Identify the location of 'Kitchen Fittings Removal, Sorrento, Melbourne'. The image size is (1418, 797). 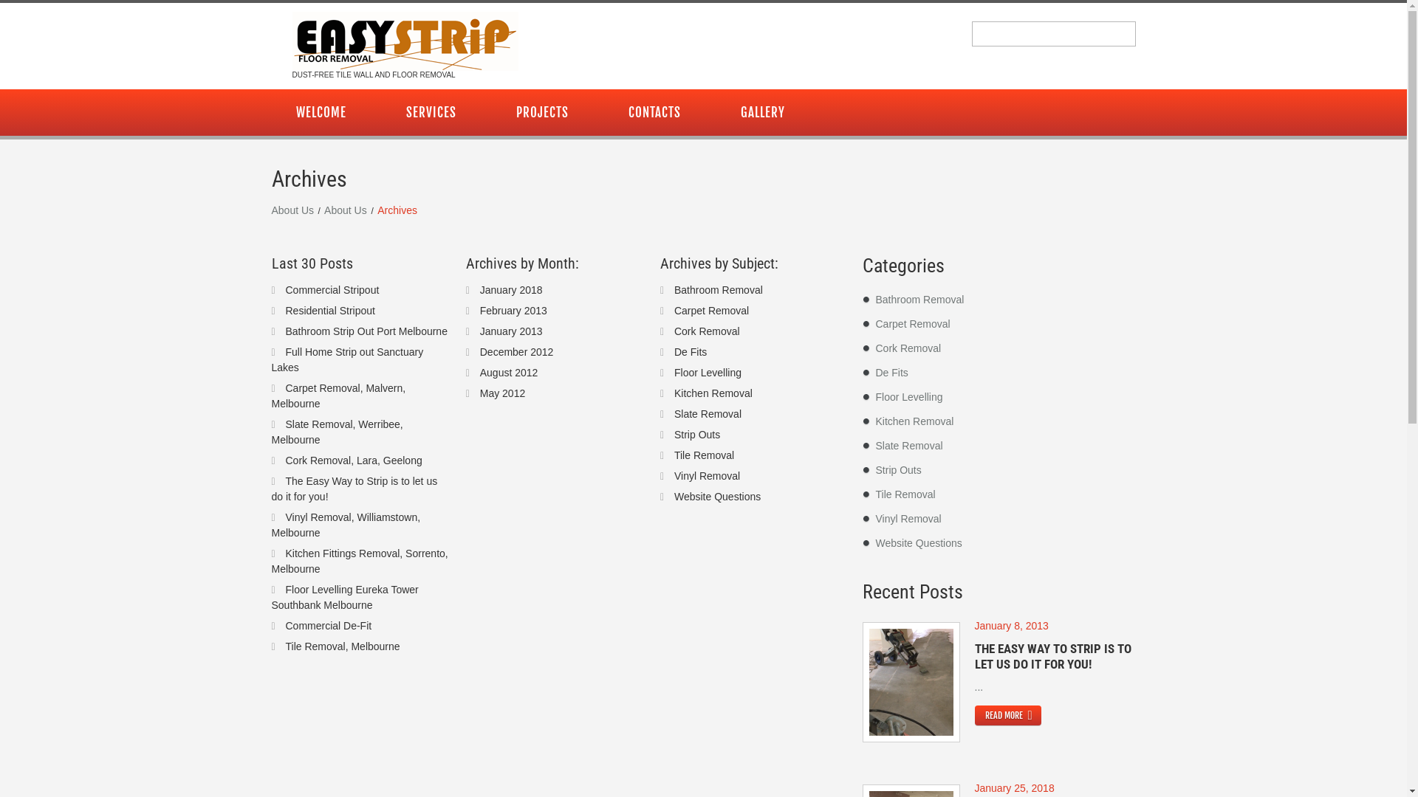
(360, 561).